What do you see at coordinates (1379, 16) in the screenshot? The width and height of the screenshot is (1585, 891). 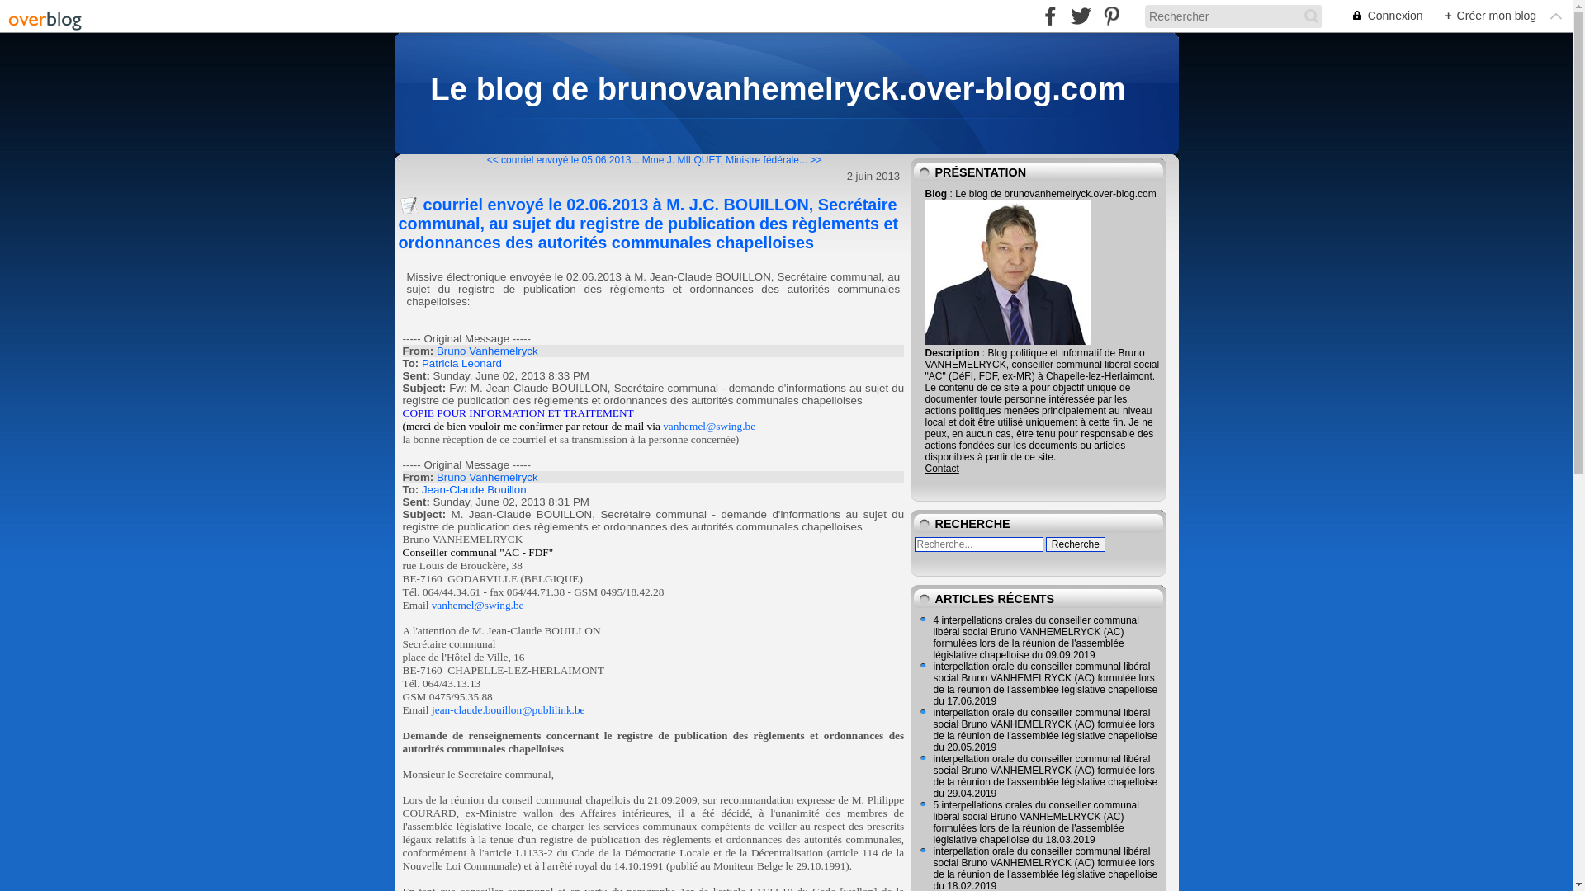 I see `'Connexion'` at bounding box center [1379, 16].